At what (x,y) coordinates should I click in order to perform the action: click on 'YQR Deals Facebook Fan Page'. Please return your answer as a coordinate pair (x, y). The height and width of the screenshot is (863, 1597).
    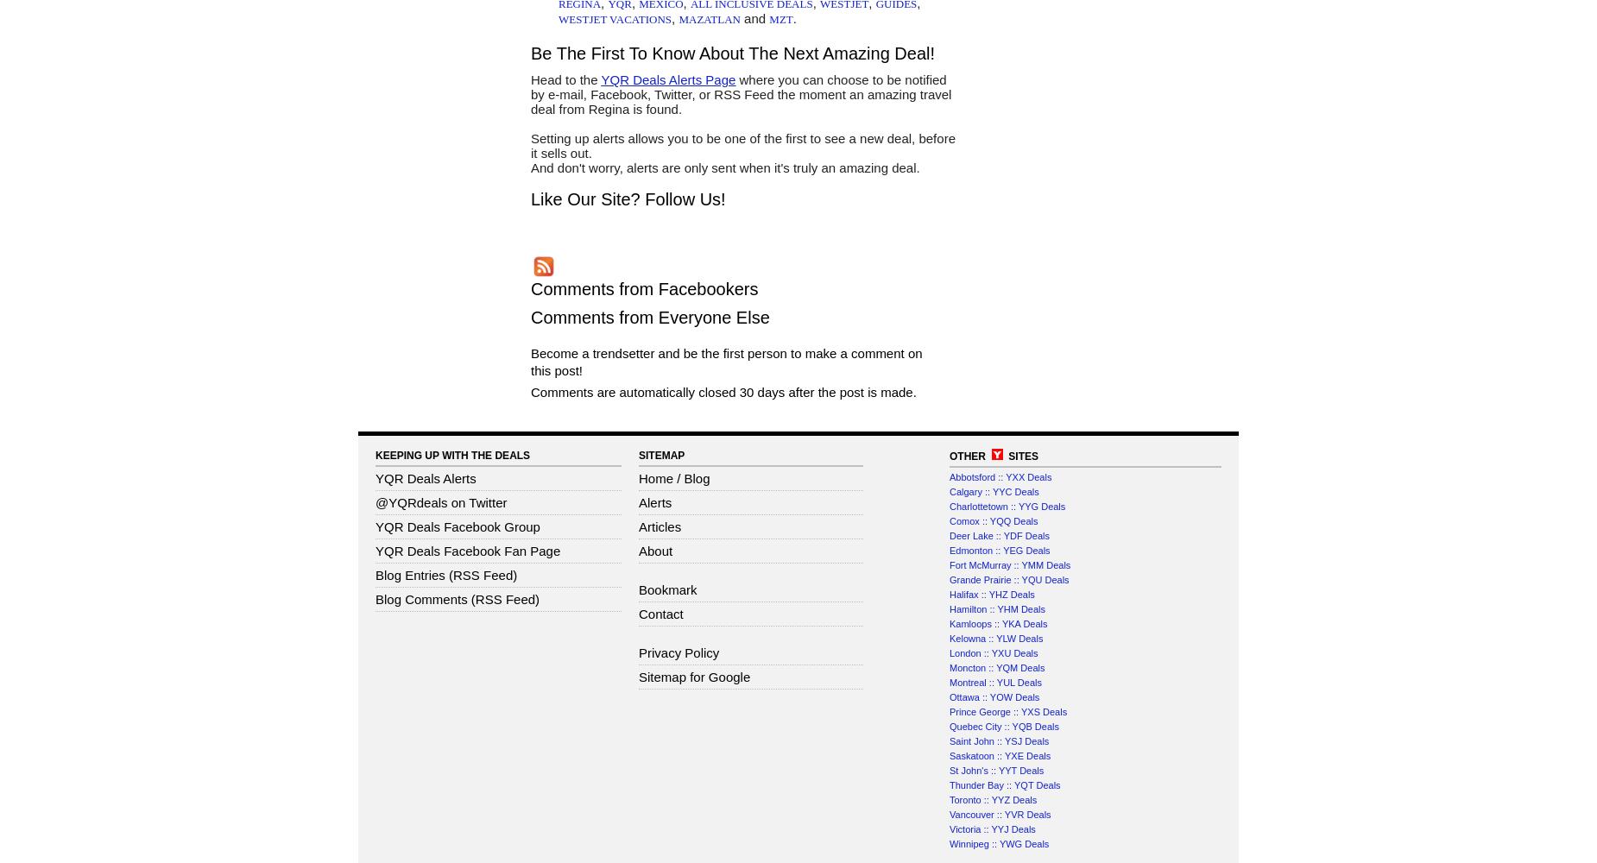
    Looking at the image, I should click on (468, 551).